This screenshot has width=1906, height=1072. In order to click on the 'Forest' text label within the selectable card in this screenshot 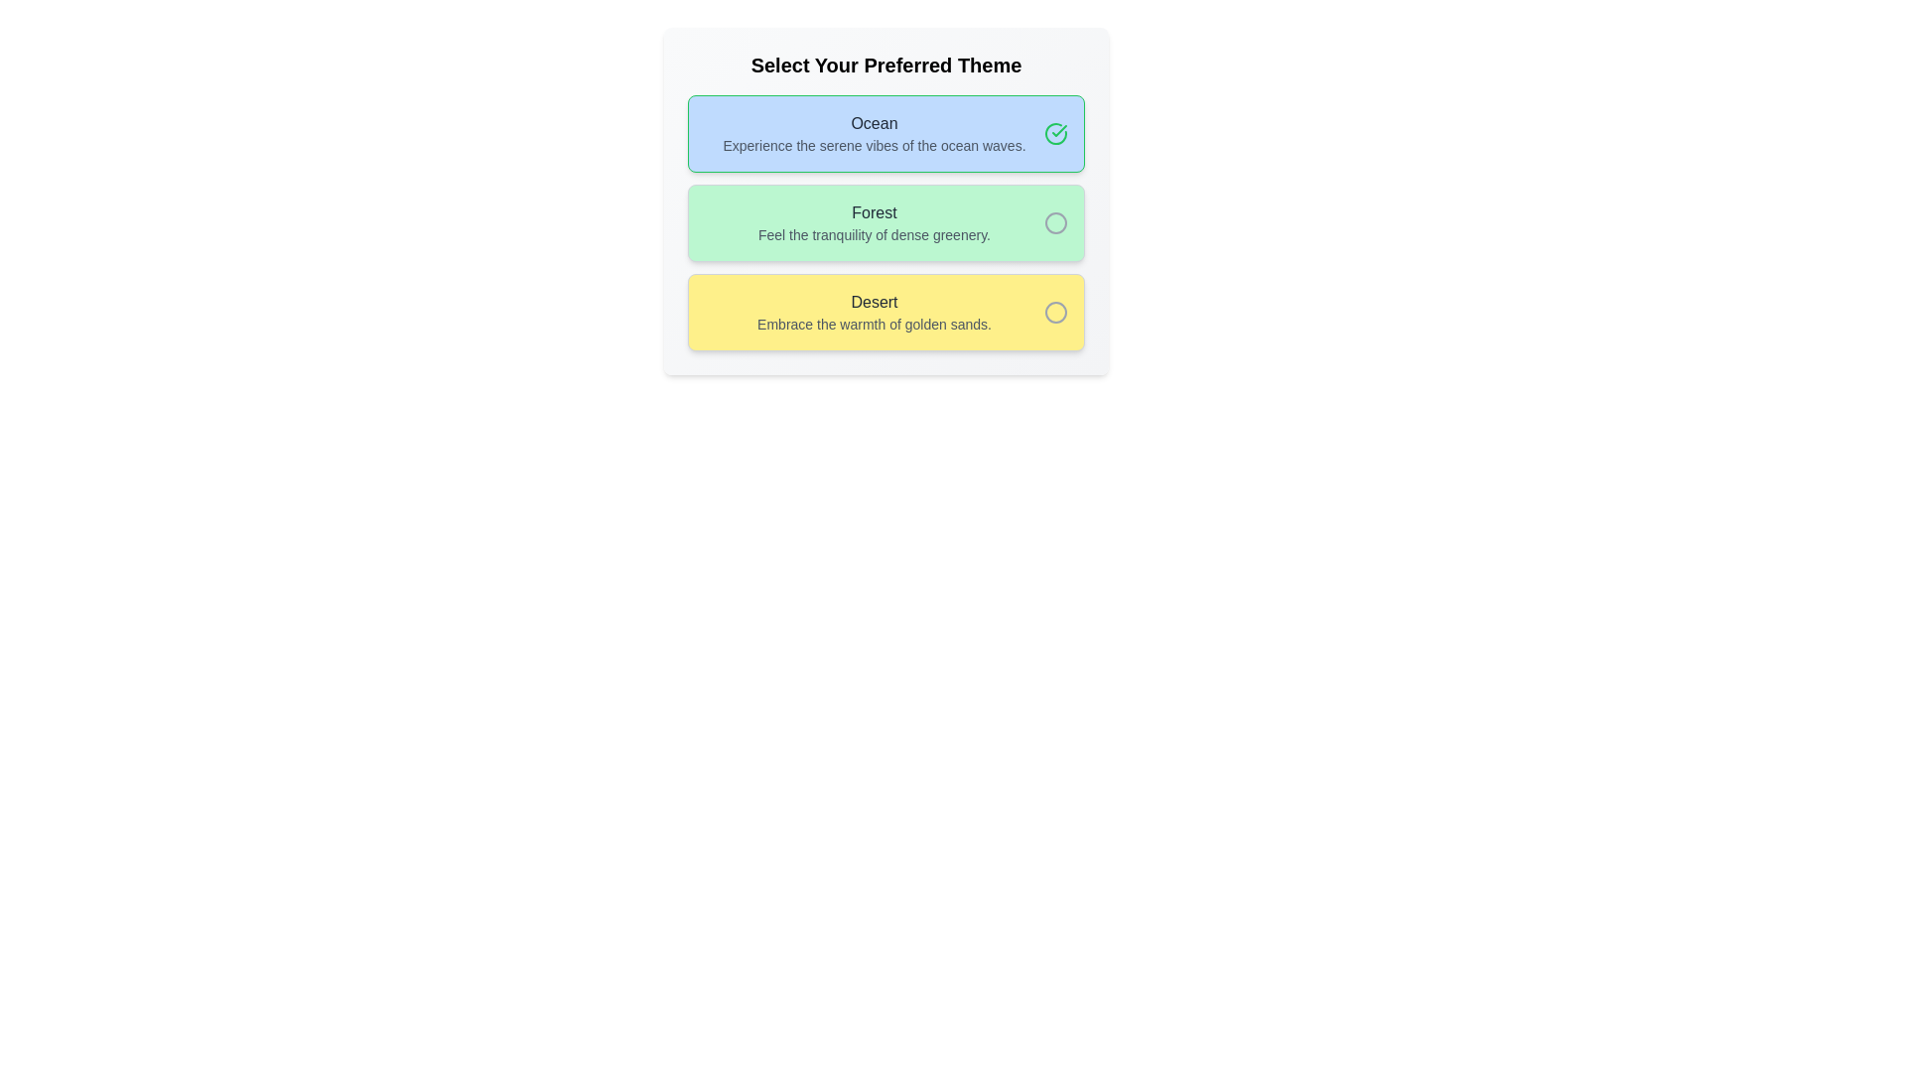, I will do `click(874, 222)`.